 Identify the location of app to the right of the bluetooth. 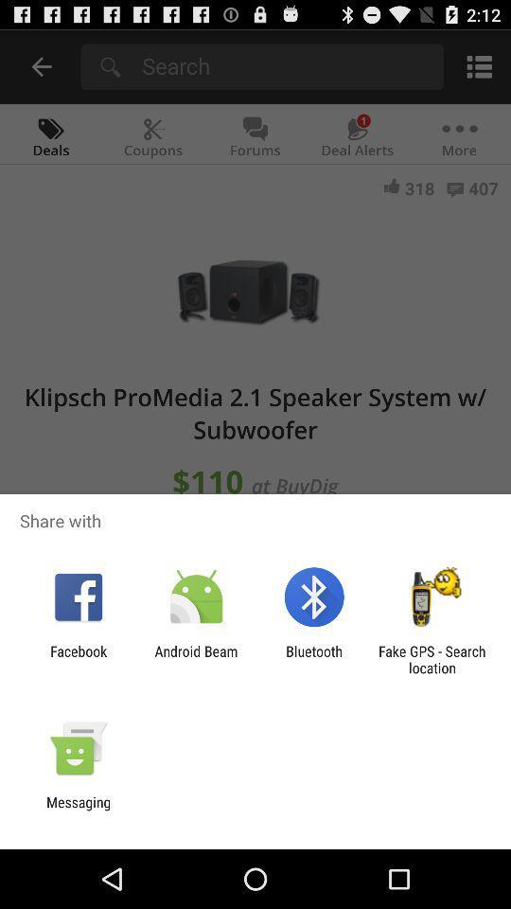
(432, 659).